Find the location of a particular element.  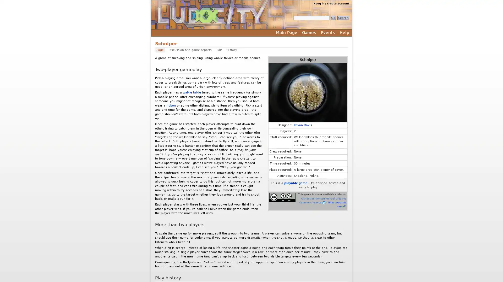

Go is located at coordinates (333, 17).